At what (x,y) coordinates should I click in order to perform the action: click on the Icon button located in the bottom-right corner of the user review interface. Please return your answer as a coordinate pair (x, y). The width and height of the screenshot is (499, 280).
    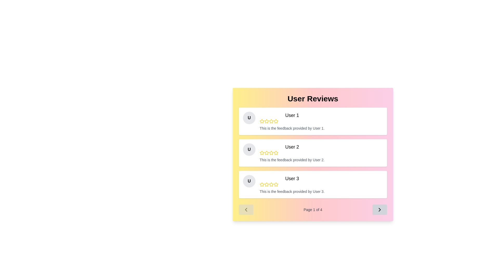
    Looking at the image, I should click on (379, 209).